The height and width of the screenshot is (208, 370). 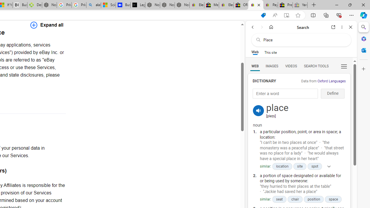 I want to click on 'SEARCH TOOLS', so click(x=316, y=66).